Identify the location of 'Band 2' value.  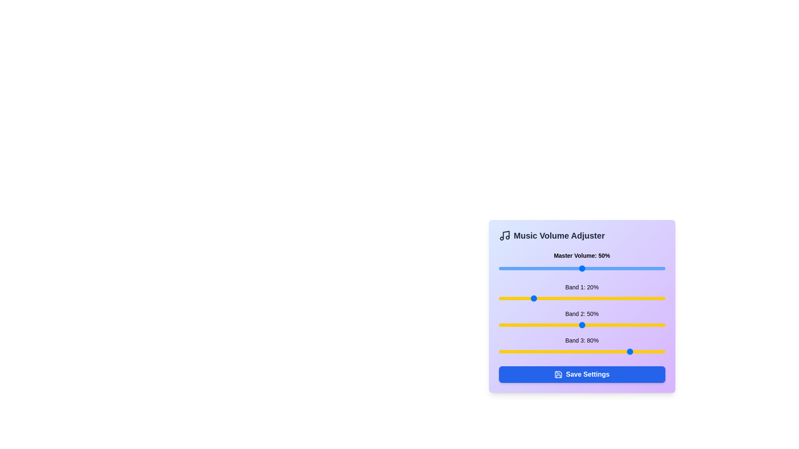
(501, 325).